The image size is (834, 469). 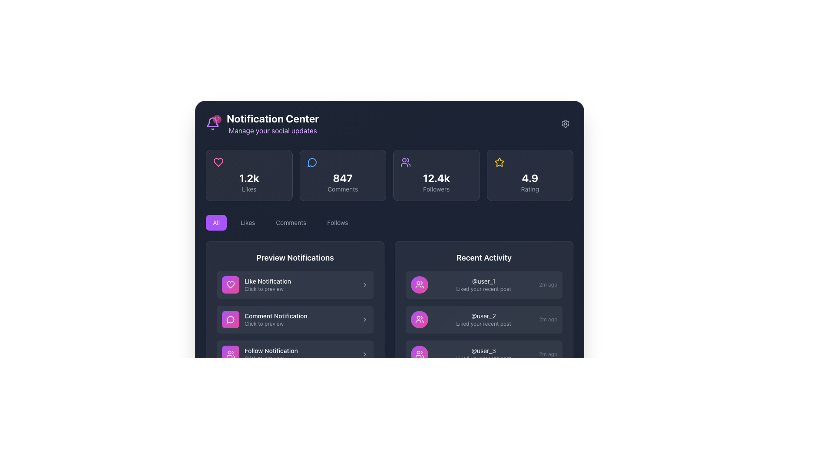 What do you see at coordinates (365, 284) in the screenshot?
I see `the chevron icon located at the far-right end of the 'Like Notification' row in the 'Preview Notifications' section` at bounding box center [365, 284].